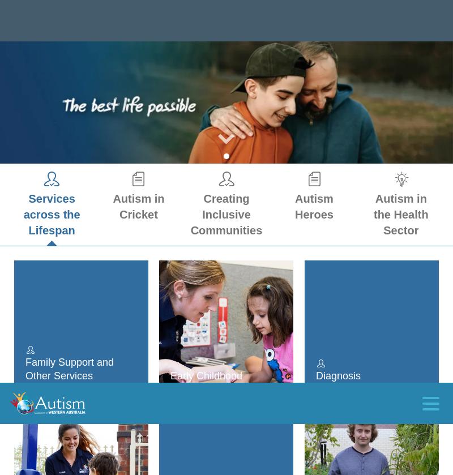  I want to click on 'Email', so click(36, 323).